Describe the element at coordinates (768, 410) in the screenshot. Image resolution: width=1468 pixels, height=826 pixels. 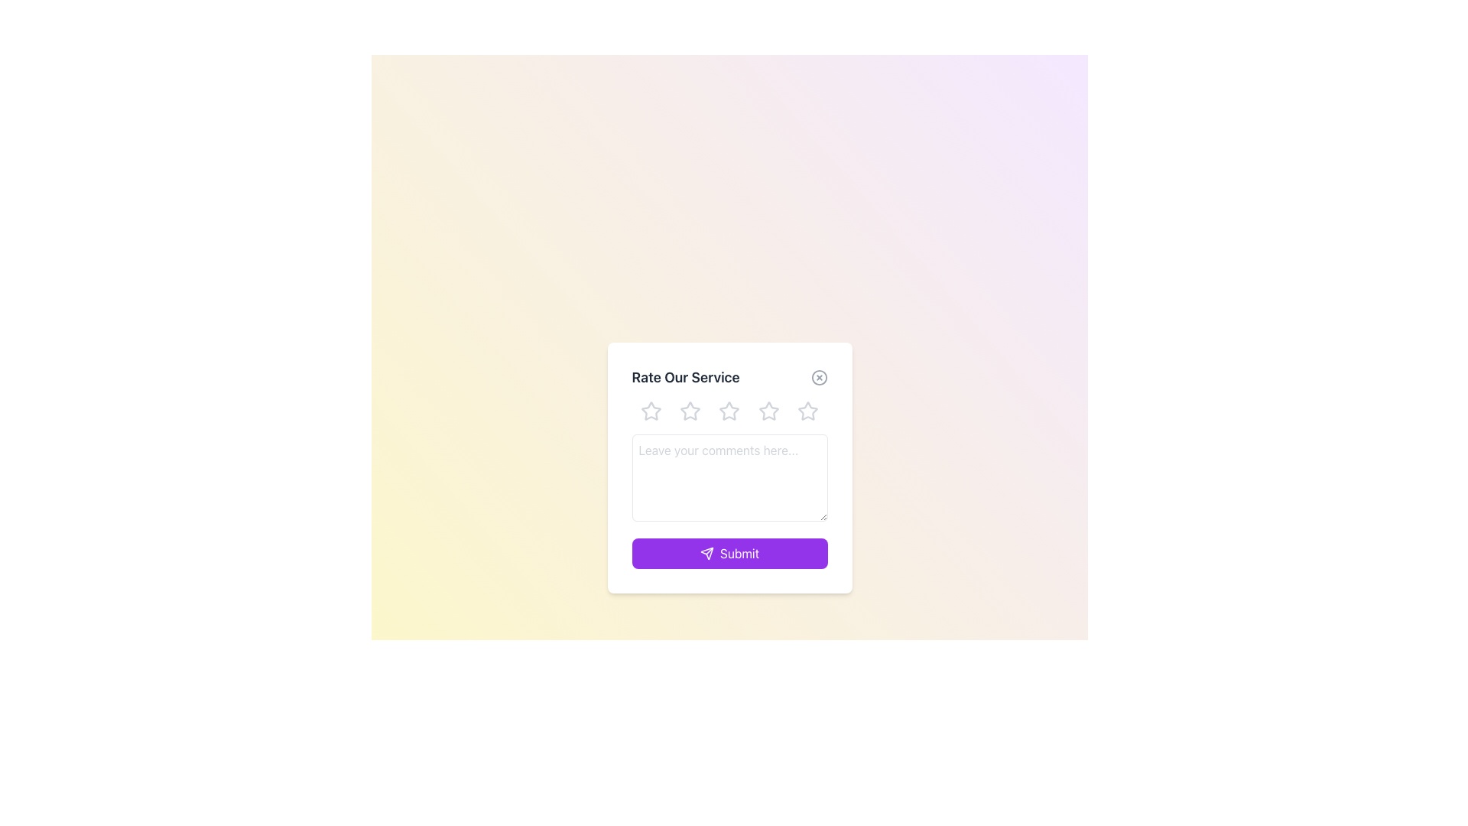
I see `the fourth star in the five-star rating system` at that location.